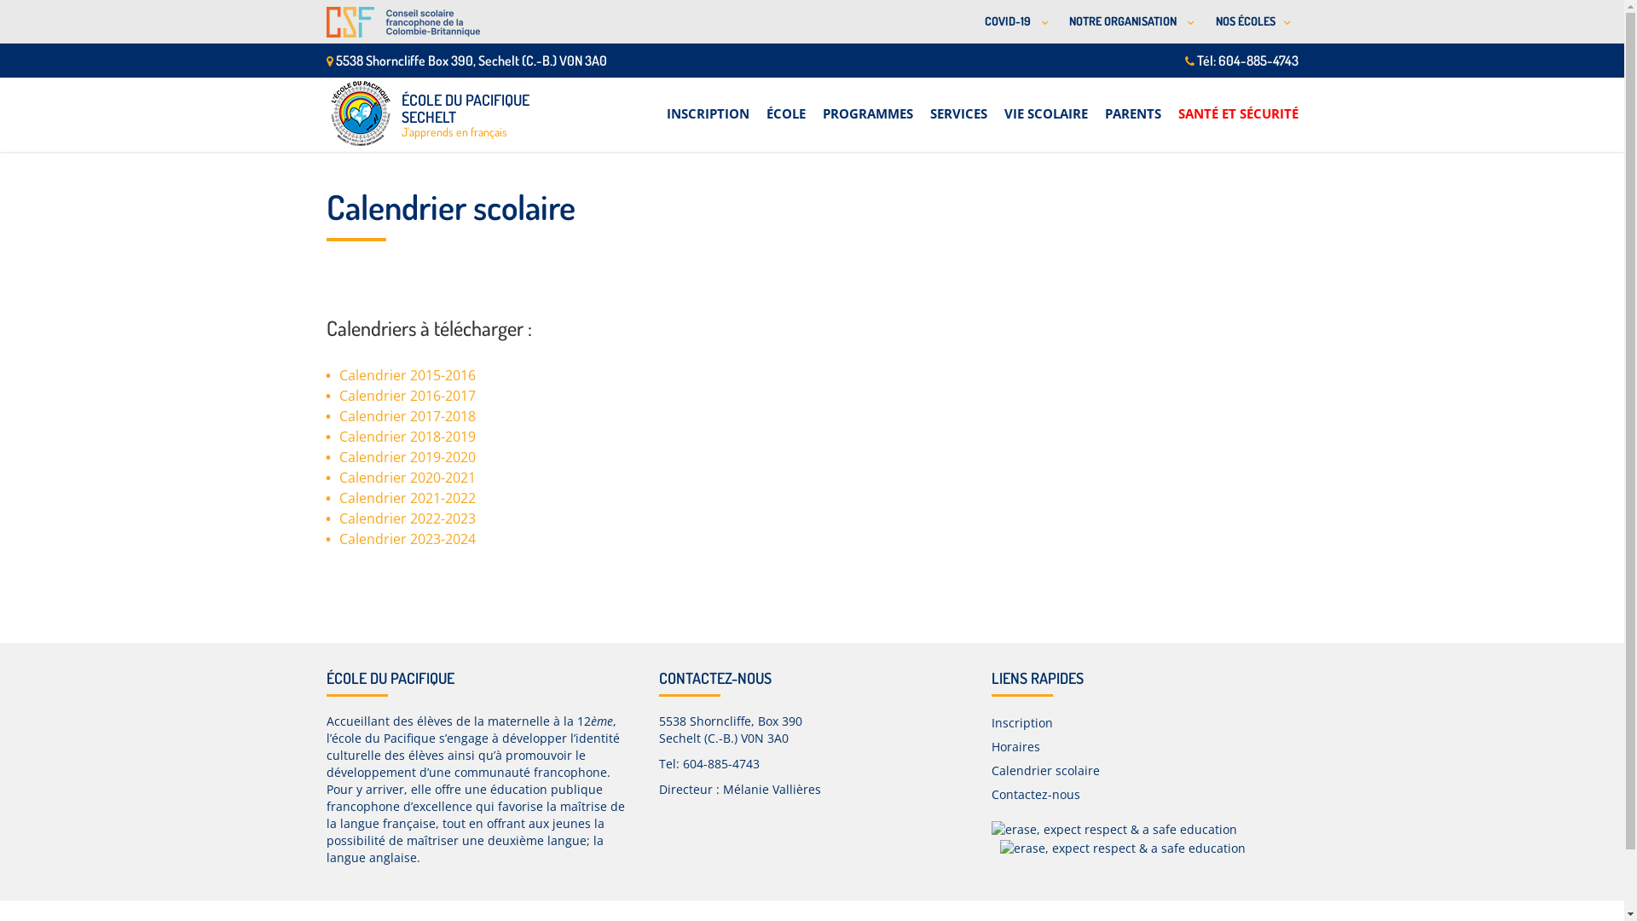 This screenshot has width=1637, height=921. I want to click on 'Calendrier 2019-2020', so click(407, 456).